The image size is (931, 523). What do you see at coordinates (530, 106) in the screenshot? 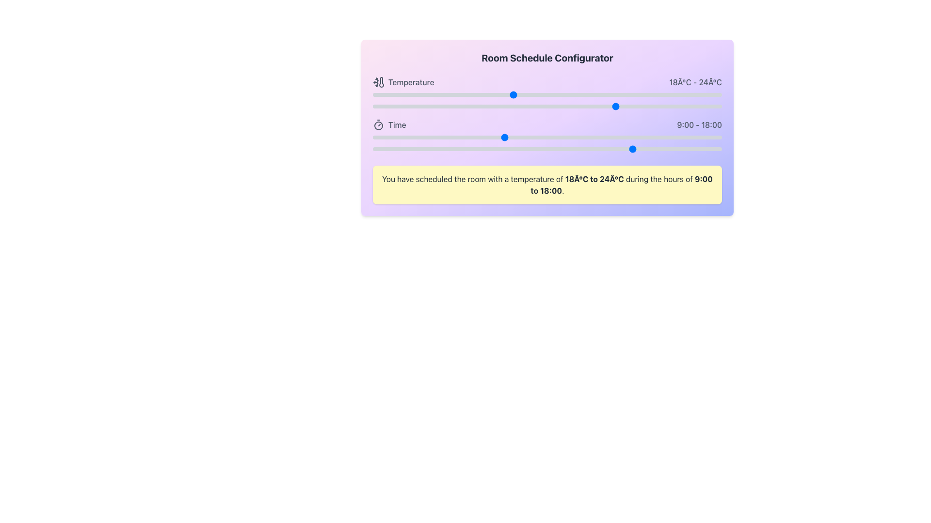
I see `the slider value` at bounding box center [530, 106].